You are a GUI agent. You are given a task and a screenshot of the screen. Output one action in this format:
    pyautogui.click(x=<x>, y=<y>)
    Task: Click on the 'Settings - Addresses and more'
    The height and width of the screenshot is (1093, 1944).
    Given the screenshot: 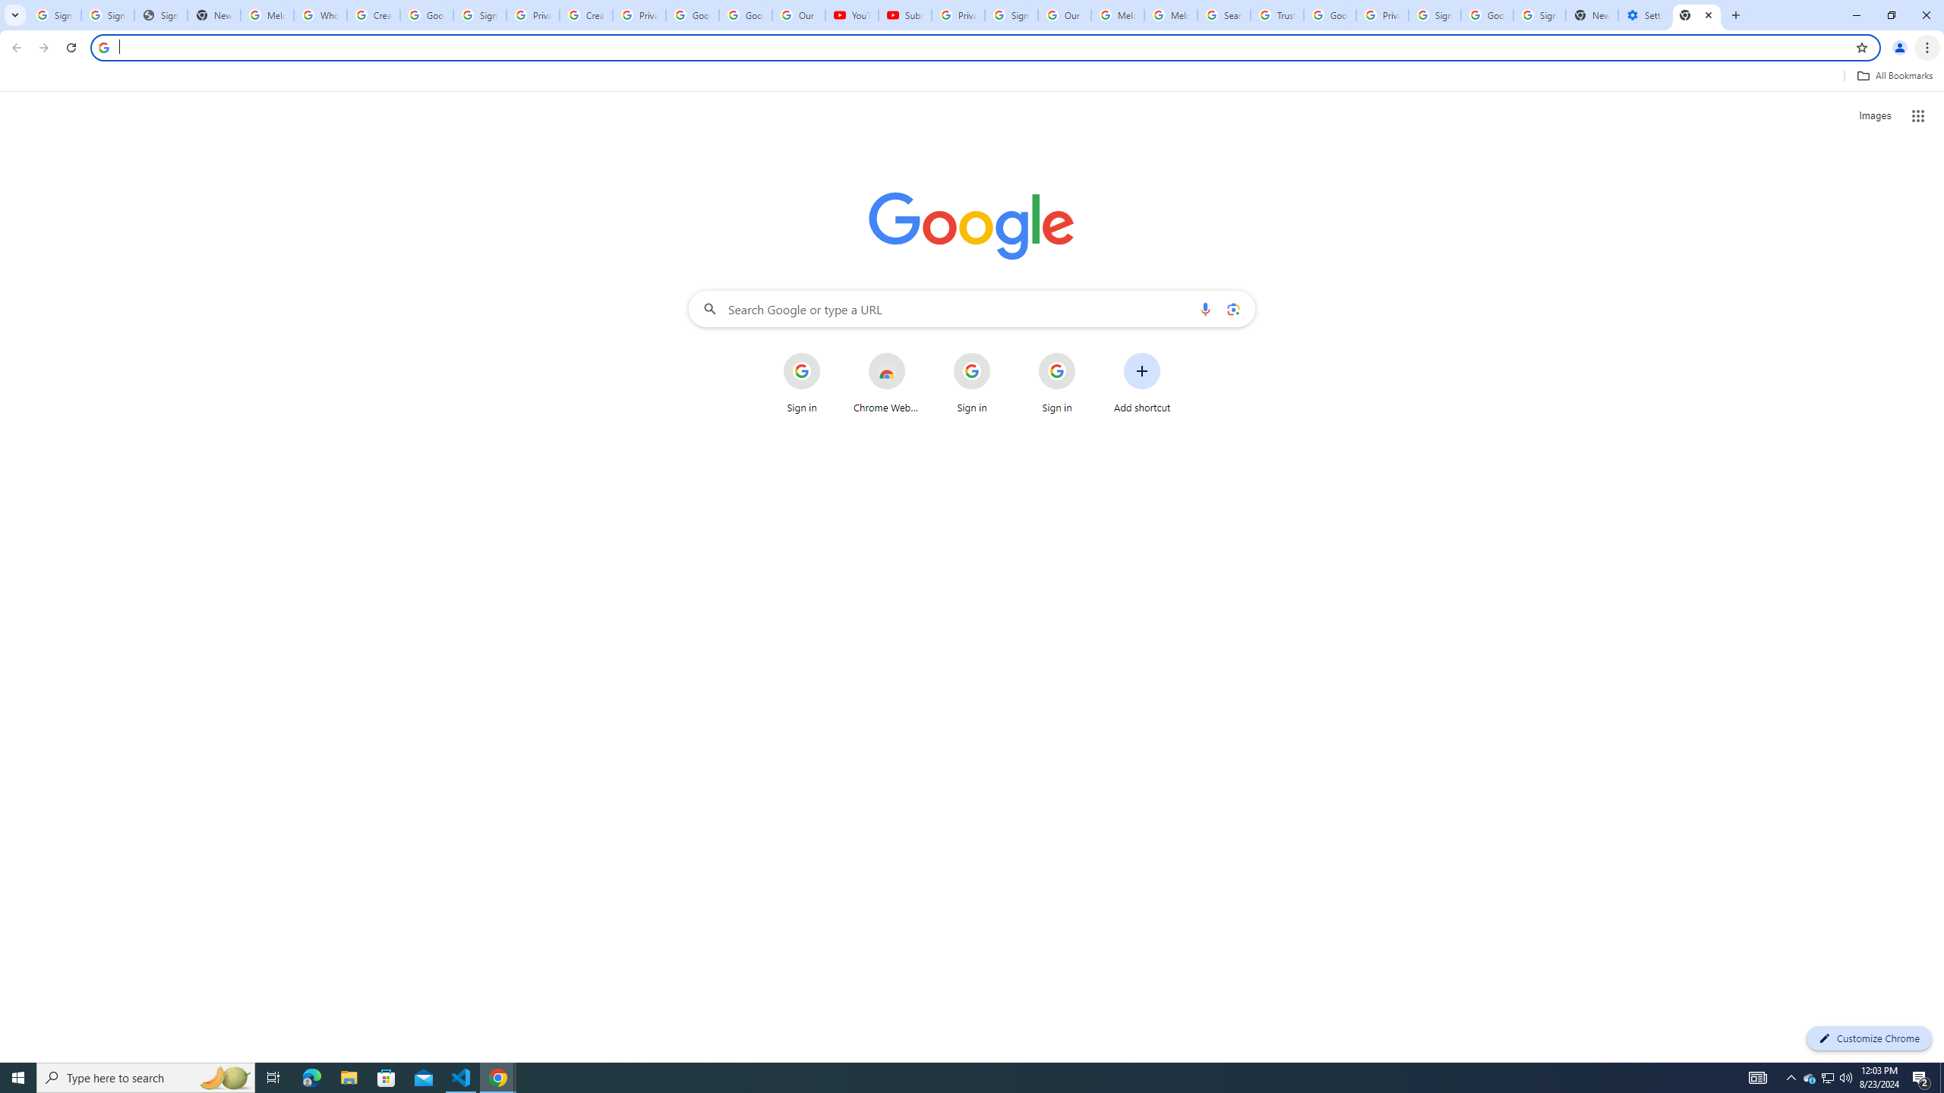 What is the action you would take?
    pyautogui.click(x=1643, y=14)
    